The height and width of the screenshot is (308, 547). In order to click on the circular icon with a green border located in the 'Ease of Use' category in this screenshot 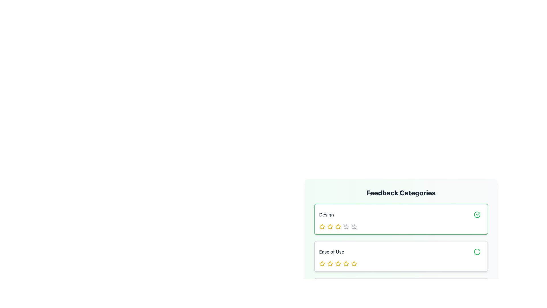, I will do `click(477, 252)`.